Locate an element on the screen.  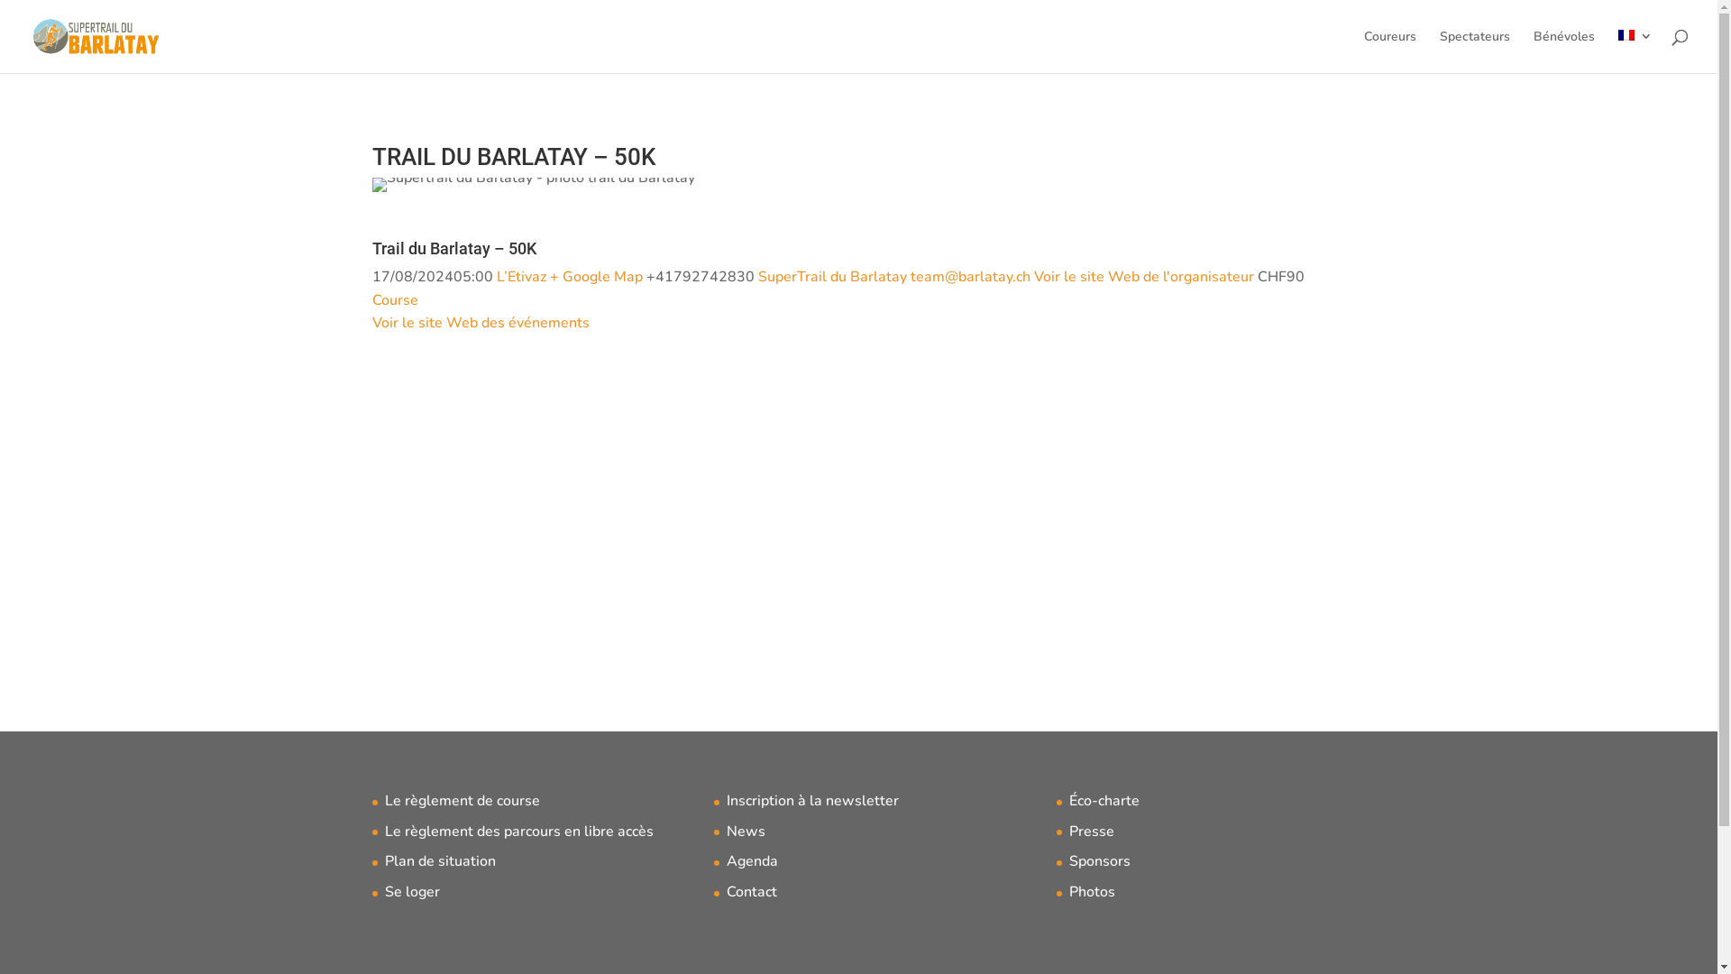
'Photos' is located at coordinates (1068, 890).